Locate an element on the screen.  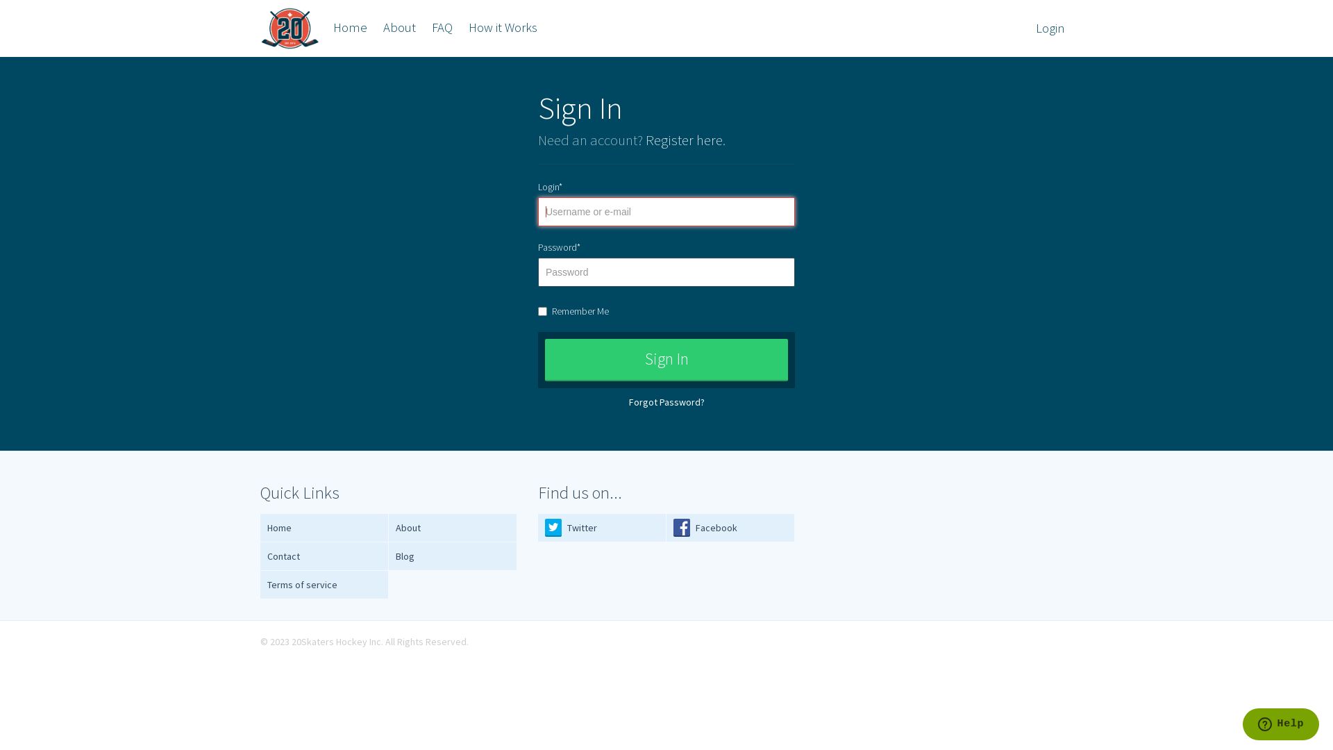
'About' is located at coordinates (376, 27).